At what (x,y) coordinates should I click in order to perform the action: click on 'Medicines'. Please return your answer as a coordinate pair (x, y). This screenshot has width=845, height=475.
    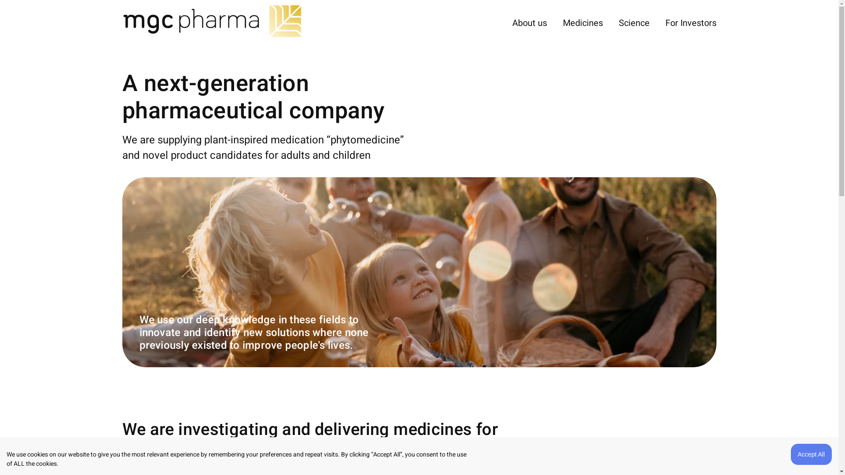
    Looking at the image, I should click on (582, 22).